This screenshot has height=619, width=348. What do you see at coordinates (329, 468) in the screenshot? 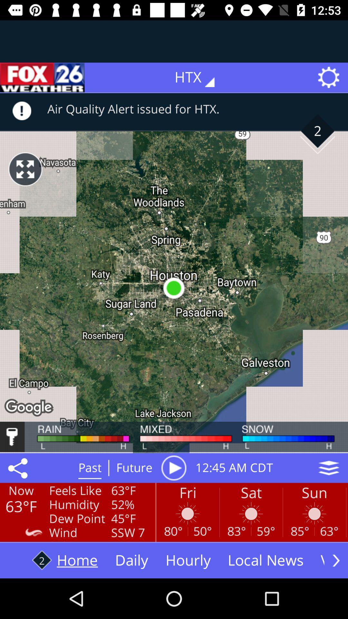
I see `the layers icon` at bounding box center [329, 468].